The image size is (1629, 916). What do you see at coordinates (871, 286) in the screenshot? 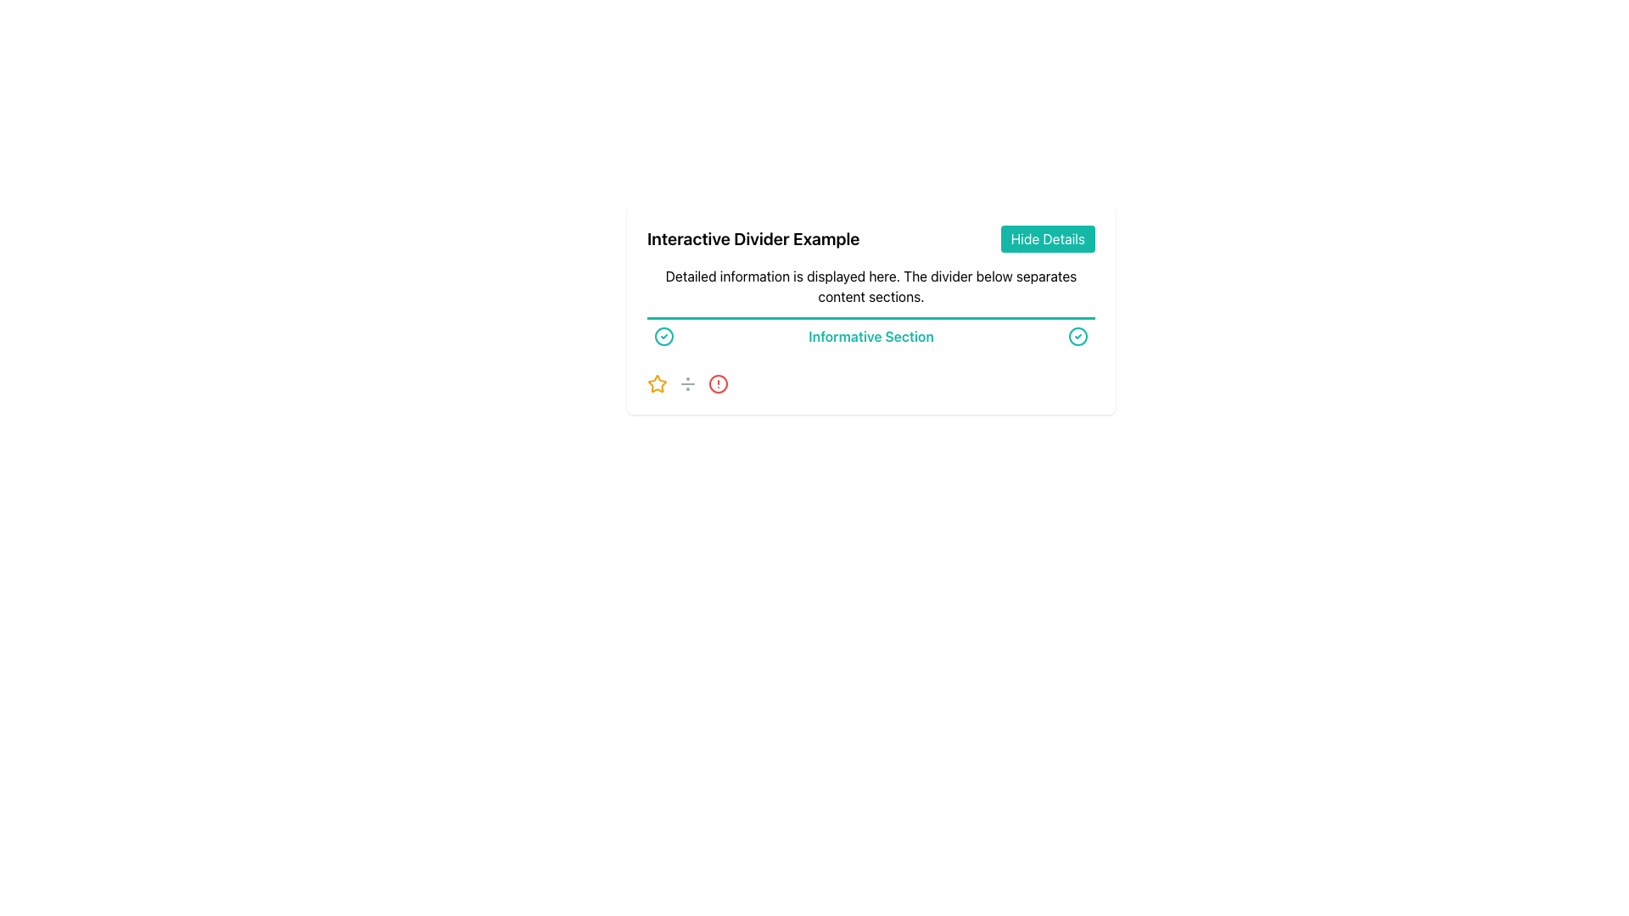
I see `the text block element containing the phrase 'Detailed information is displayed here. The divider below separates content sections.' positioned in the informational section above 'Informative Section.'` at bounding box center [871, 286].